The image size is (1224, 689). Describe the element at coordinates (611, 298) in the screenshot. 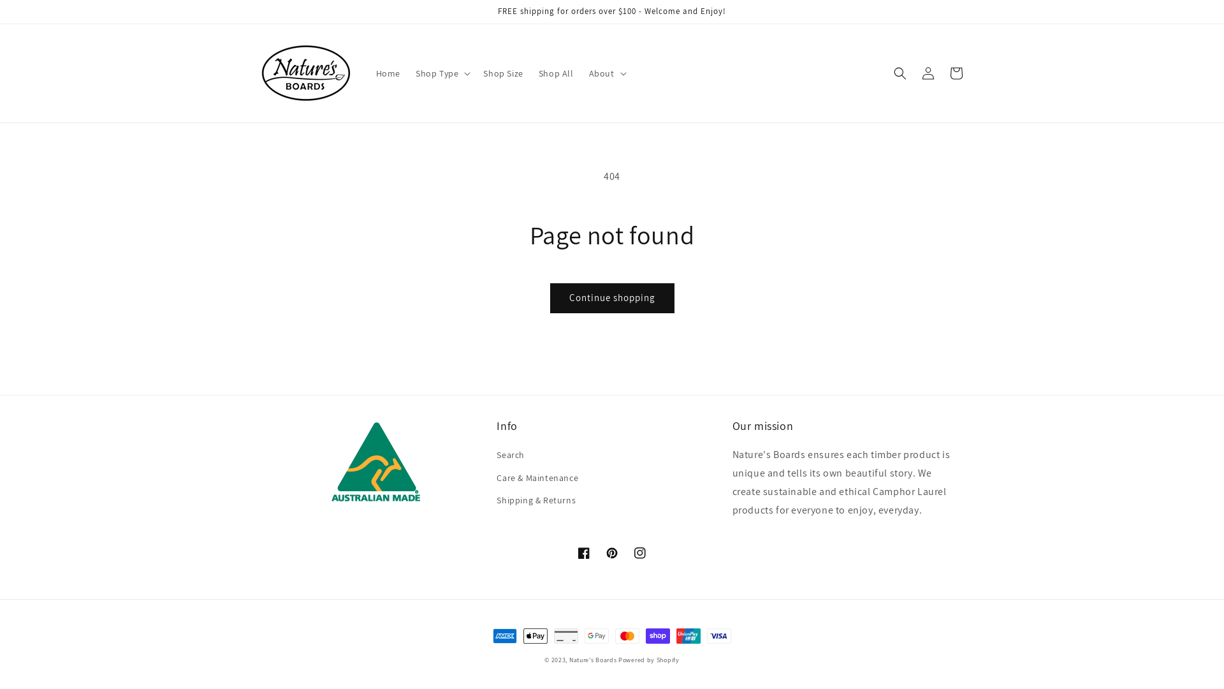

I see `'Continue shopping'` at that location.